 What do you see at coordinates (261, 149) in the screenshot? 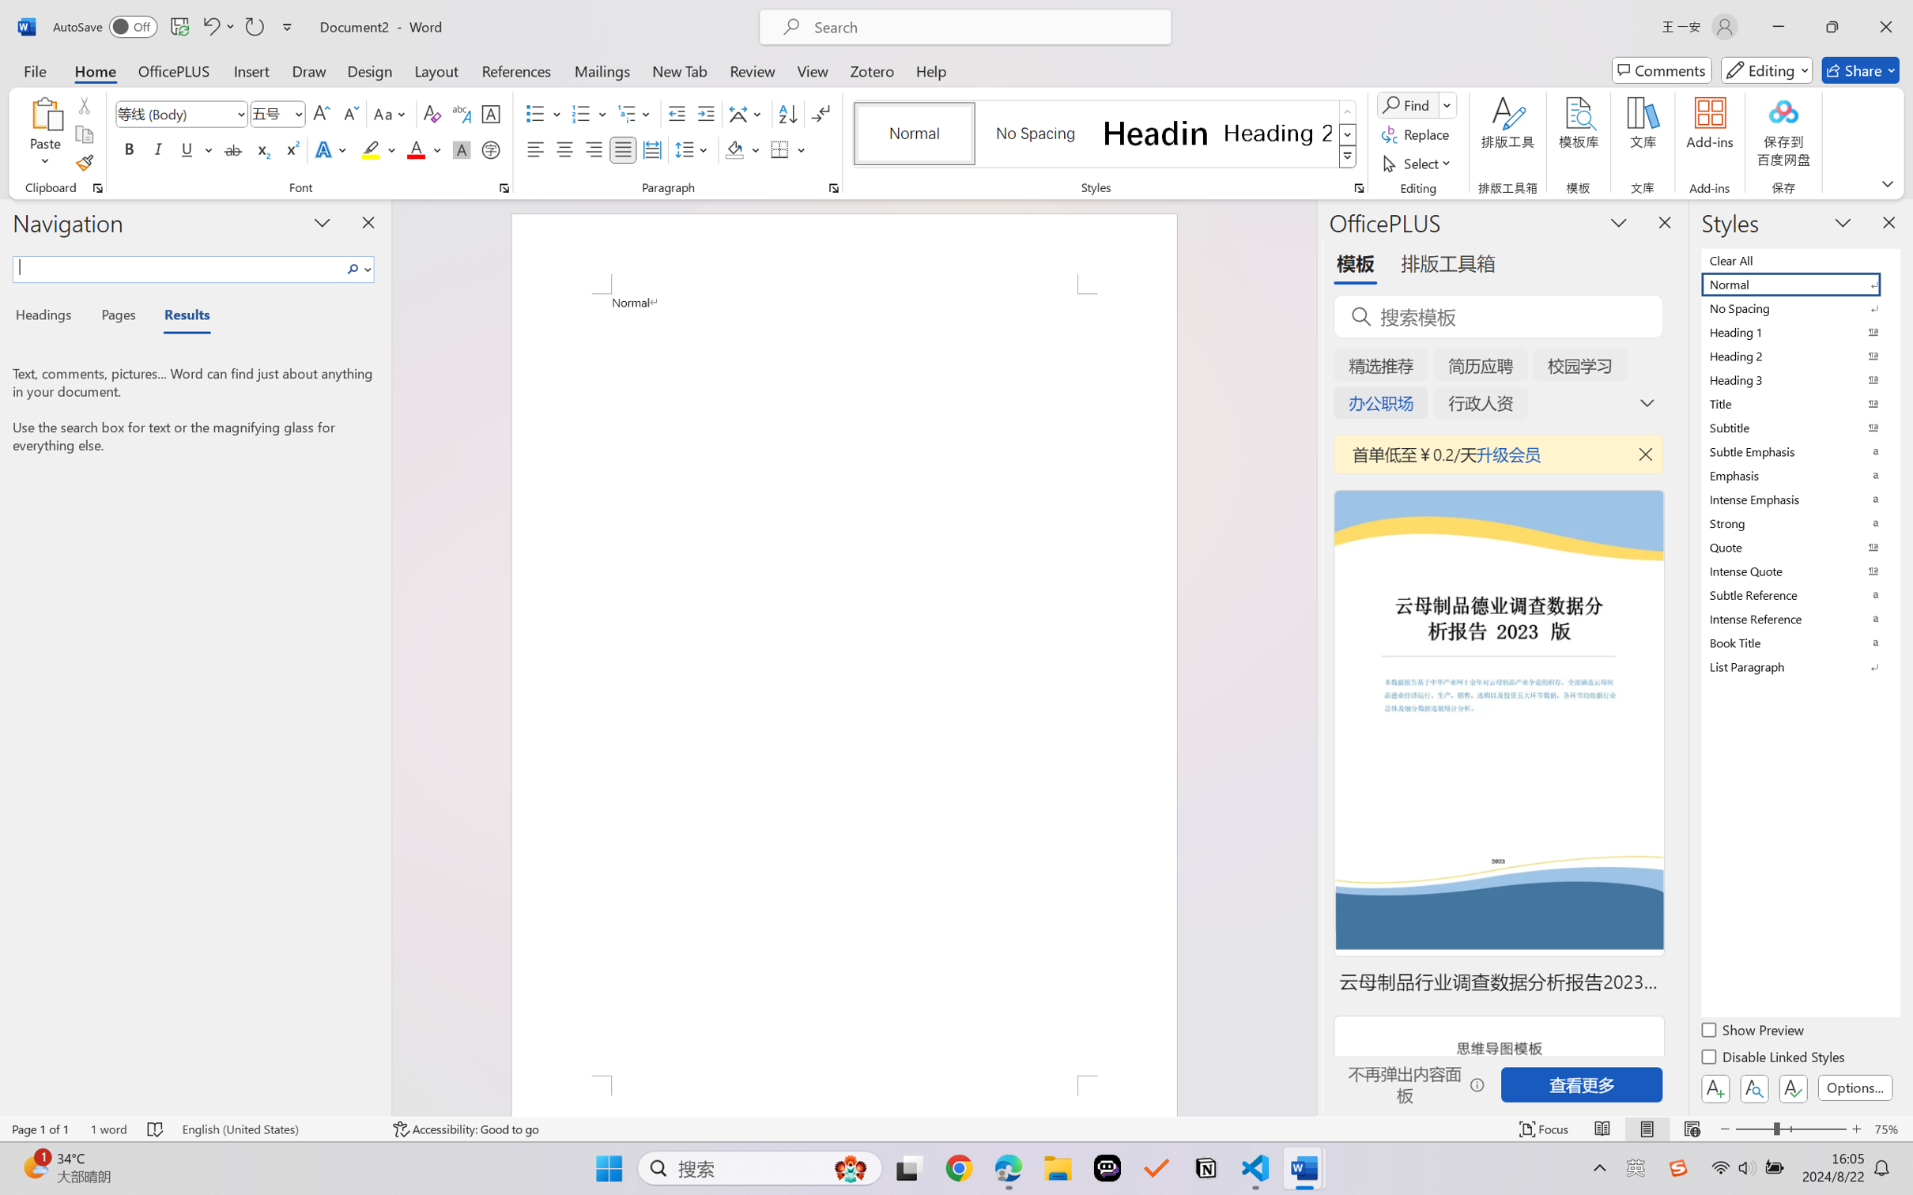
I see `'Subscript'` at bounding box center [261, 149].